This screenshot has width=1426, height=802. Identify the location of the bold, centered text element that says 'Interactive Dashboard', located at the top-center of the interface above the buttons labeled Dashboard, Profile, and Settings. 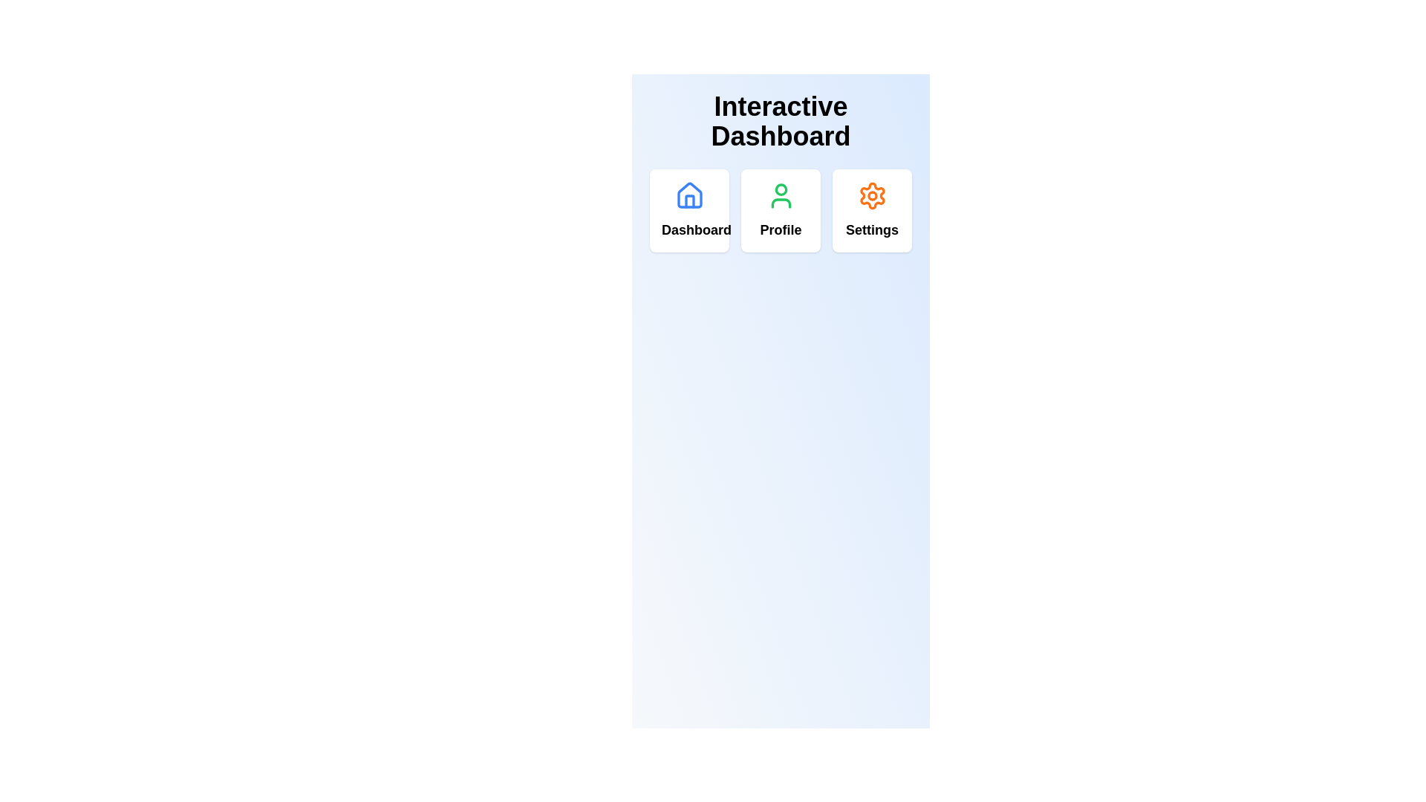
(780, 130).